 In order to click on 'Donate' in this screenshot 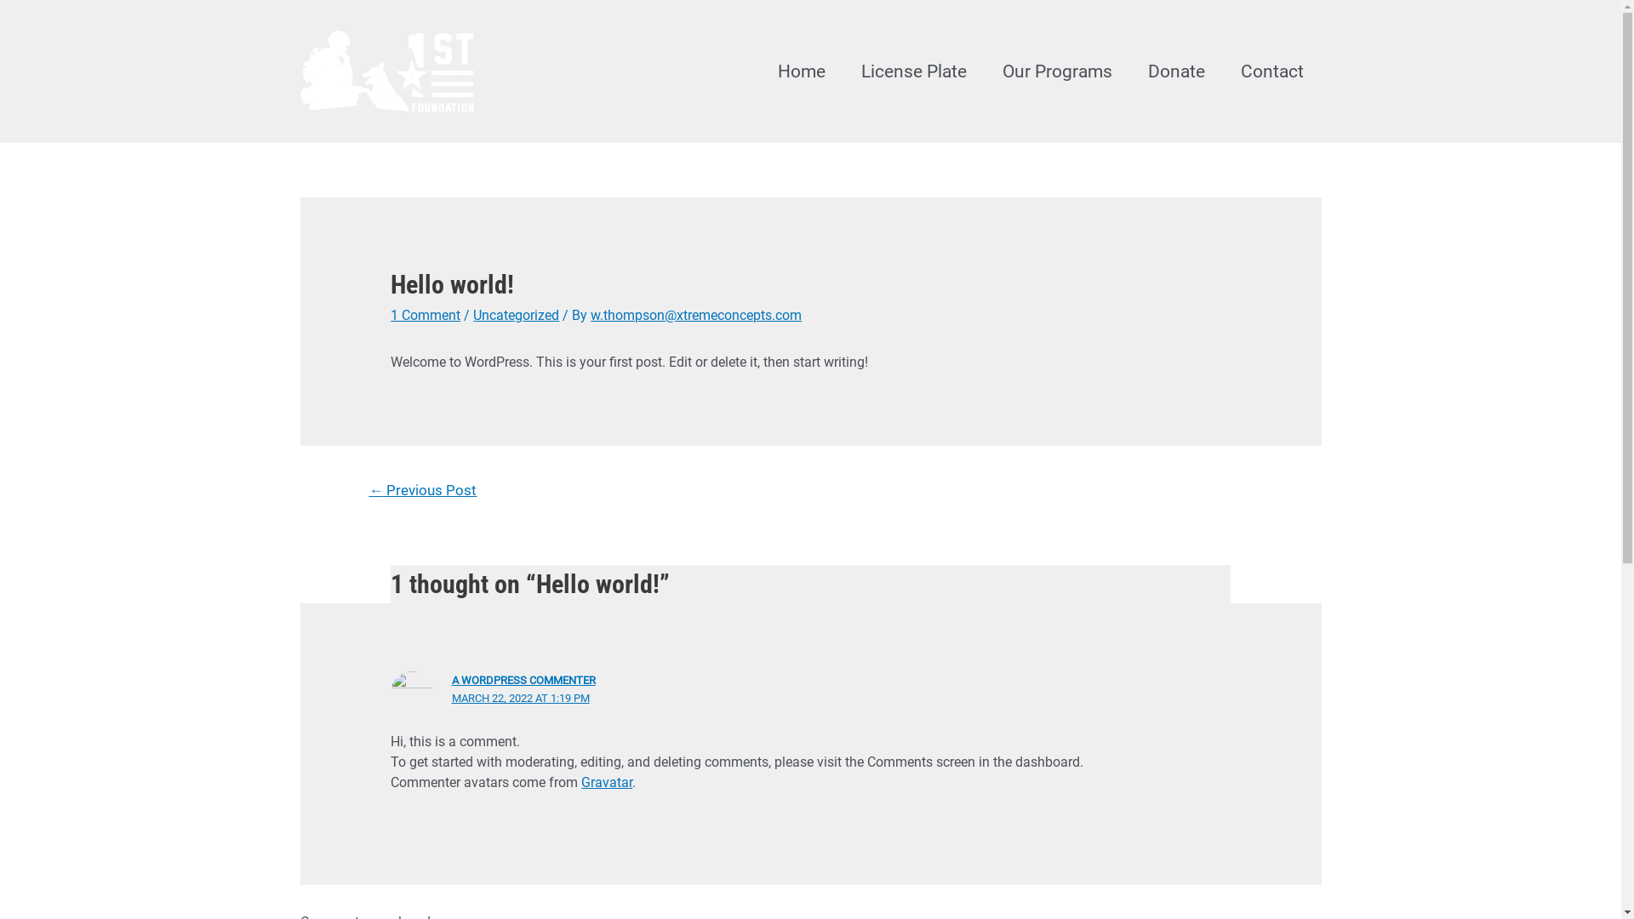, I will do `click(1175, 71)`.